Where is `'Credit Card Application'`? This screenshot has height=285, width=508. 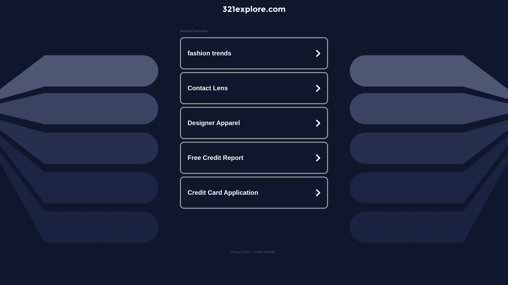
'Credit Card Application' is located at coordinates (254, 192).